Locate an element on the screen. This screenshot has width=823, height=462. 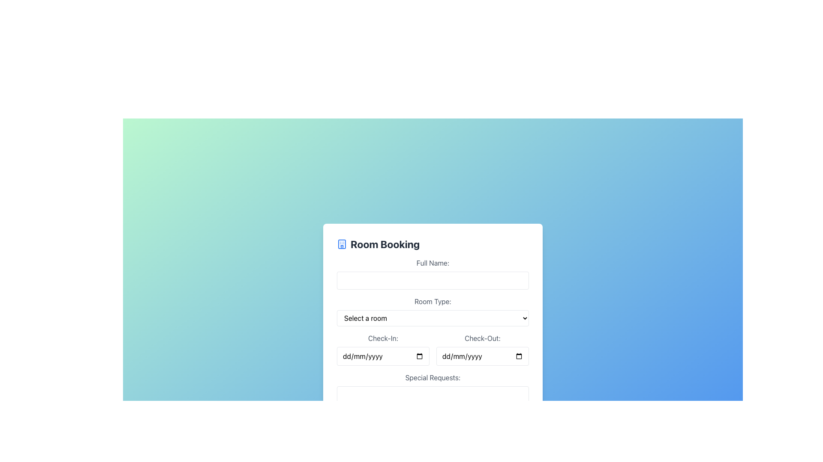
label text that is positioned above the multiline text input field for special requests, centrally aligned within the form is located at coordinates (433, 377).